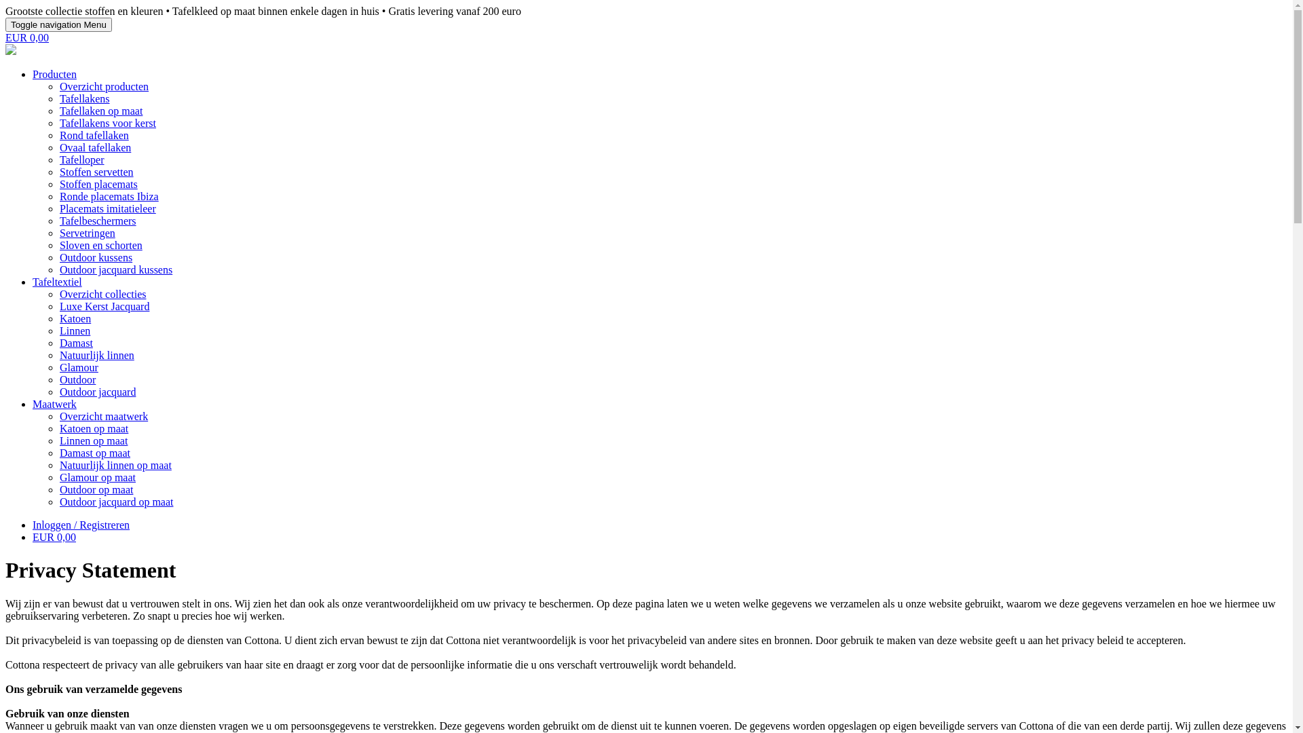 This screenshot has width=1303, height=733. Describe the element at coordinates (83, 98) in the screenshot. I see `'Tafellakens'` at that location.